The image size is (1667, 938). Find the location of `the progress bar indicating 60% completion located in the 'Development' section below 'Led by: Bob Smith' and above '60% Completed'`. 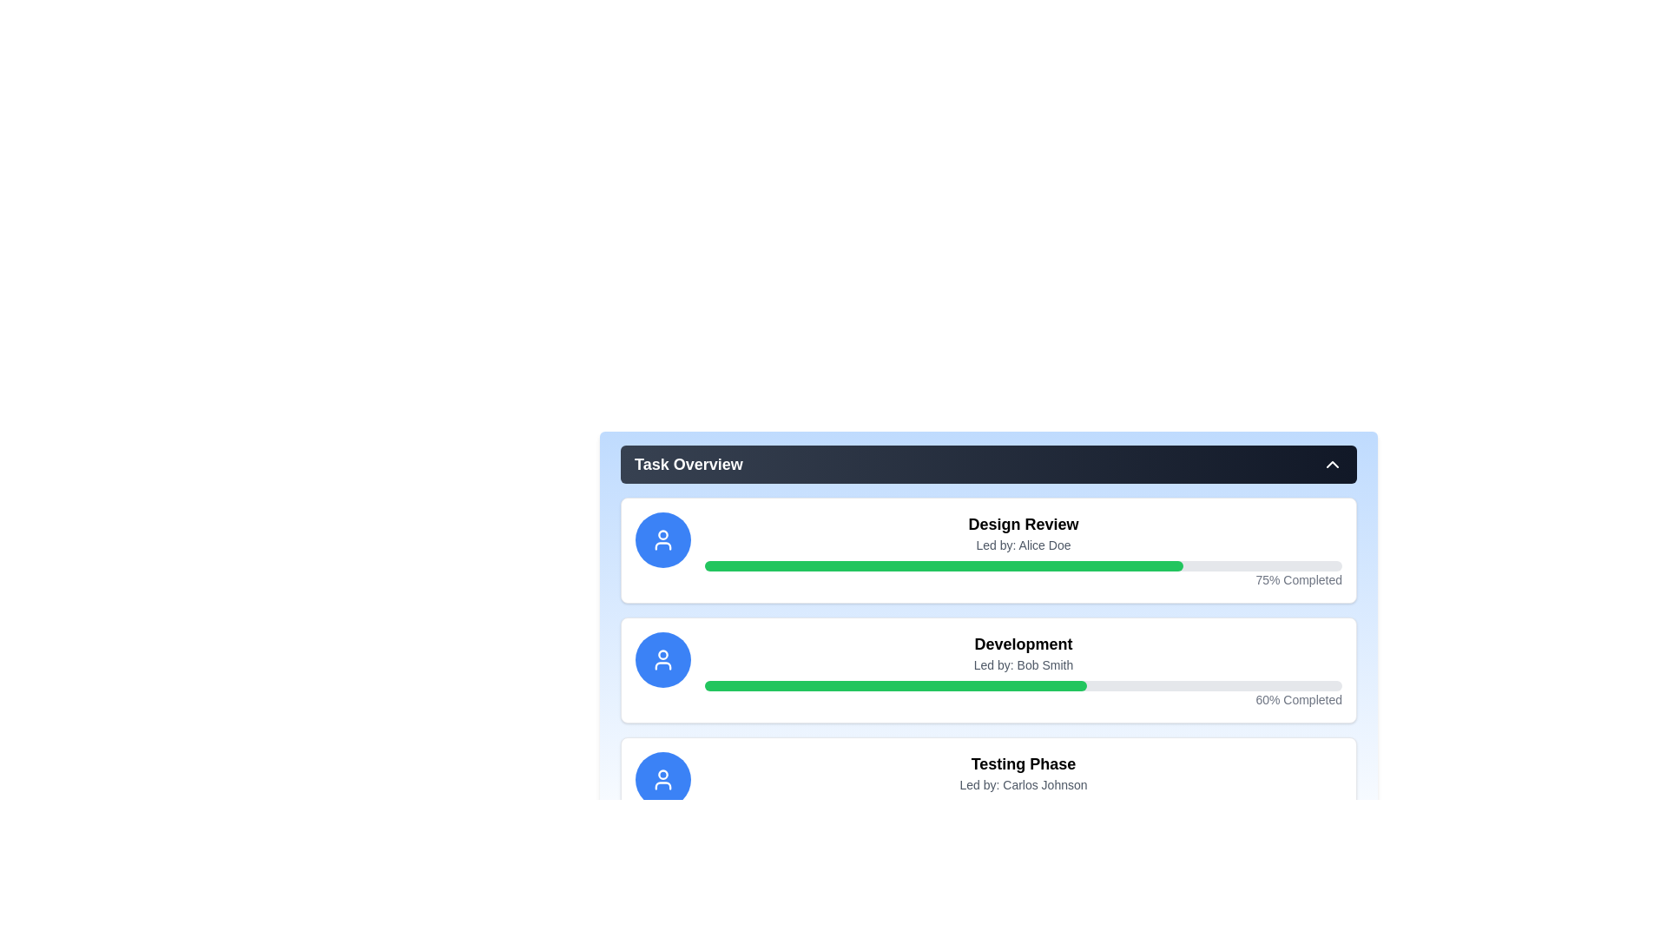

the progress bar indicating 60% completion located in the 'Development' section below 'Led by: Bob Smith' and above '60% Completed' is located at coordinates (1024, 685).